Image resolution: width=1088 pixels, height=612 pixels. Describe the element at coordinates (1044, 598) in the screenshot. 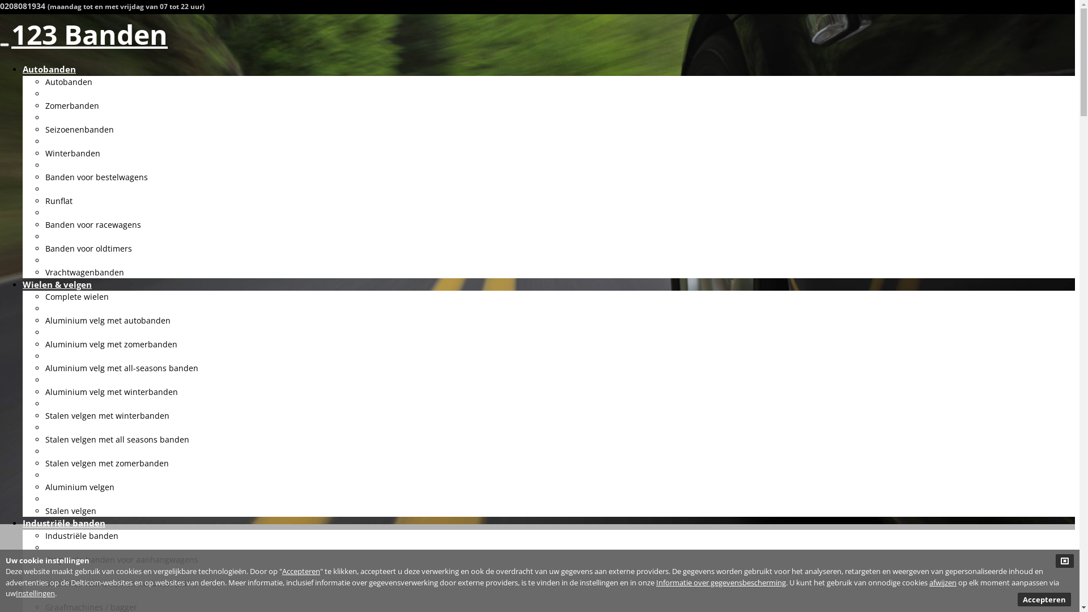

I see `'Accepteren'` at that location.